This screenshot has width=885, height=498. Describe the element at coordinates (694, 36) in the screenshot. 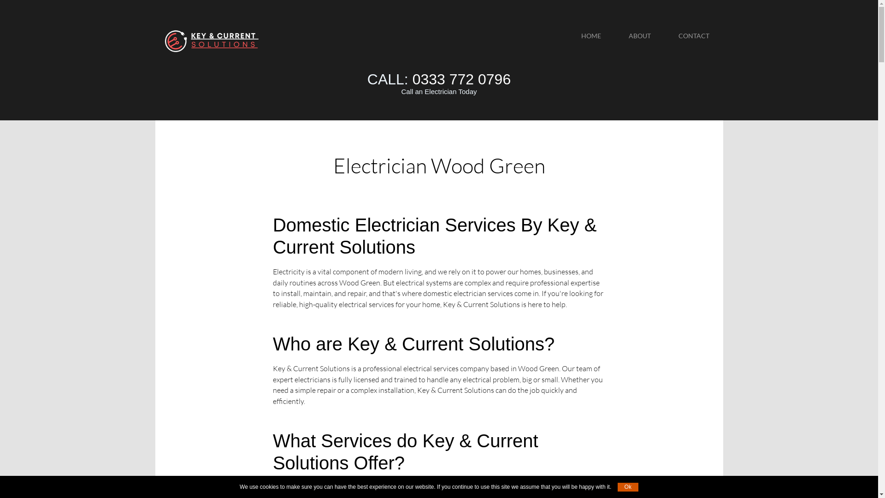

I see `'CONTACT'` at that location.